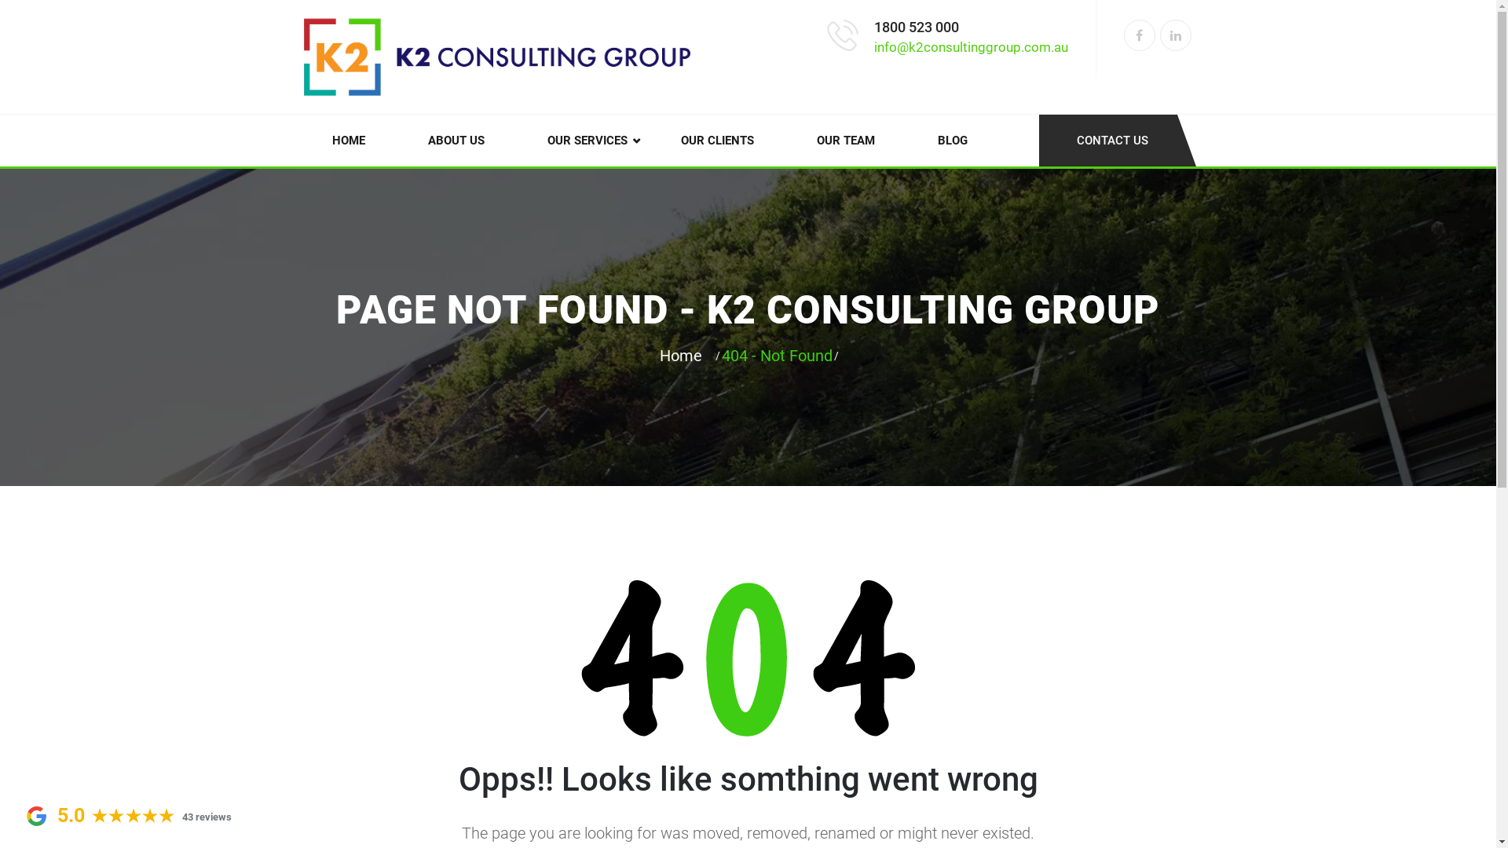 The width and height of the screenshot is (1508, 848). Describe the element at coordinates (969, 46) in the screenshot. I see `'info@k2consultinggroup.com.au'` at that location.